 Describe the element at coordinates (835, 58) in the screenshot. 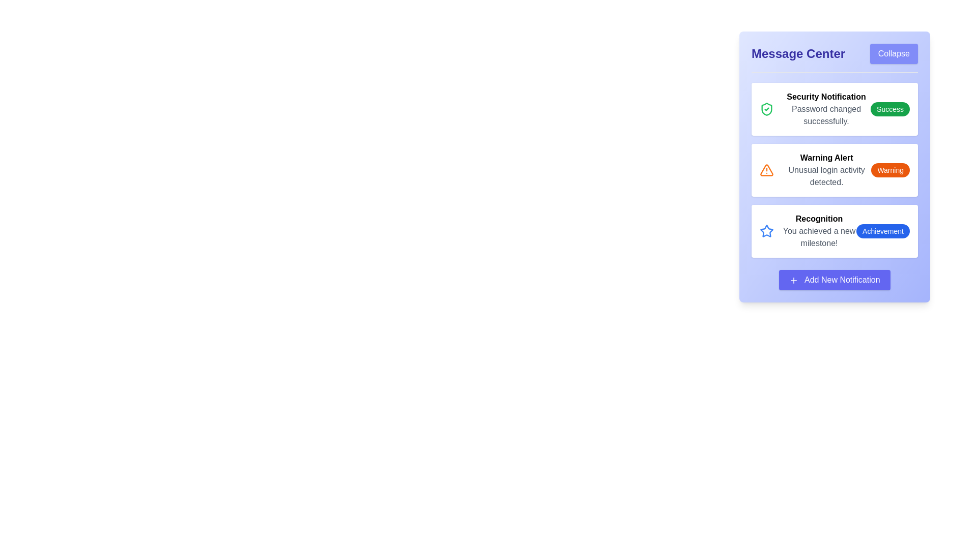

I see `the 'Message Center' text header in the card's top section to focus on it` at that location.